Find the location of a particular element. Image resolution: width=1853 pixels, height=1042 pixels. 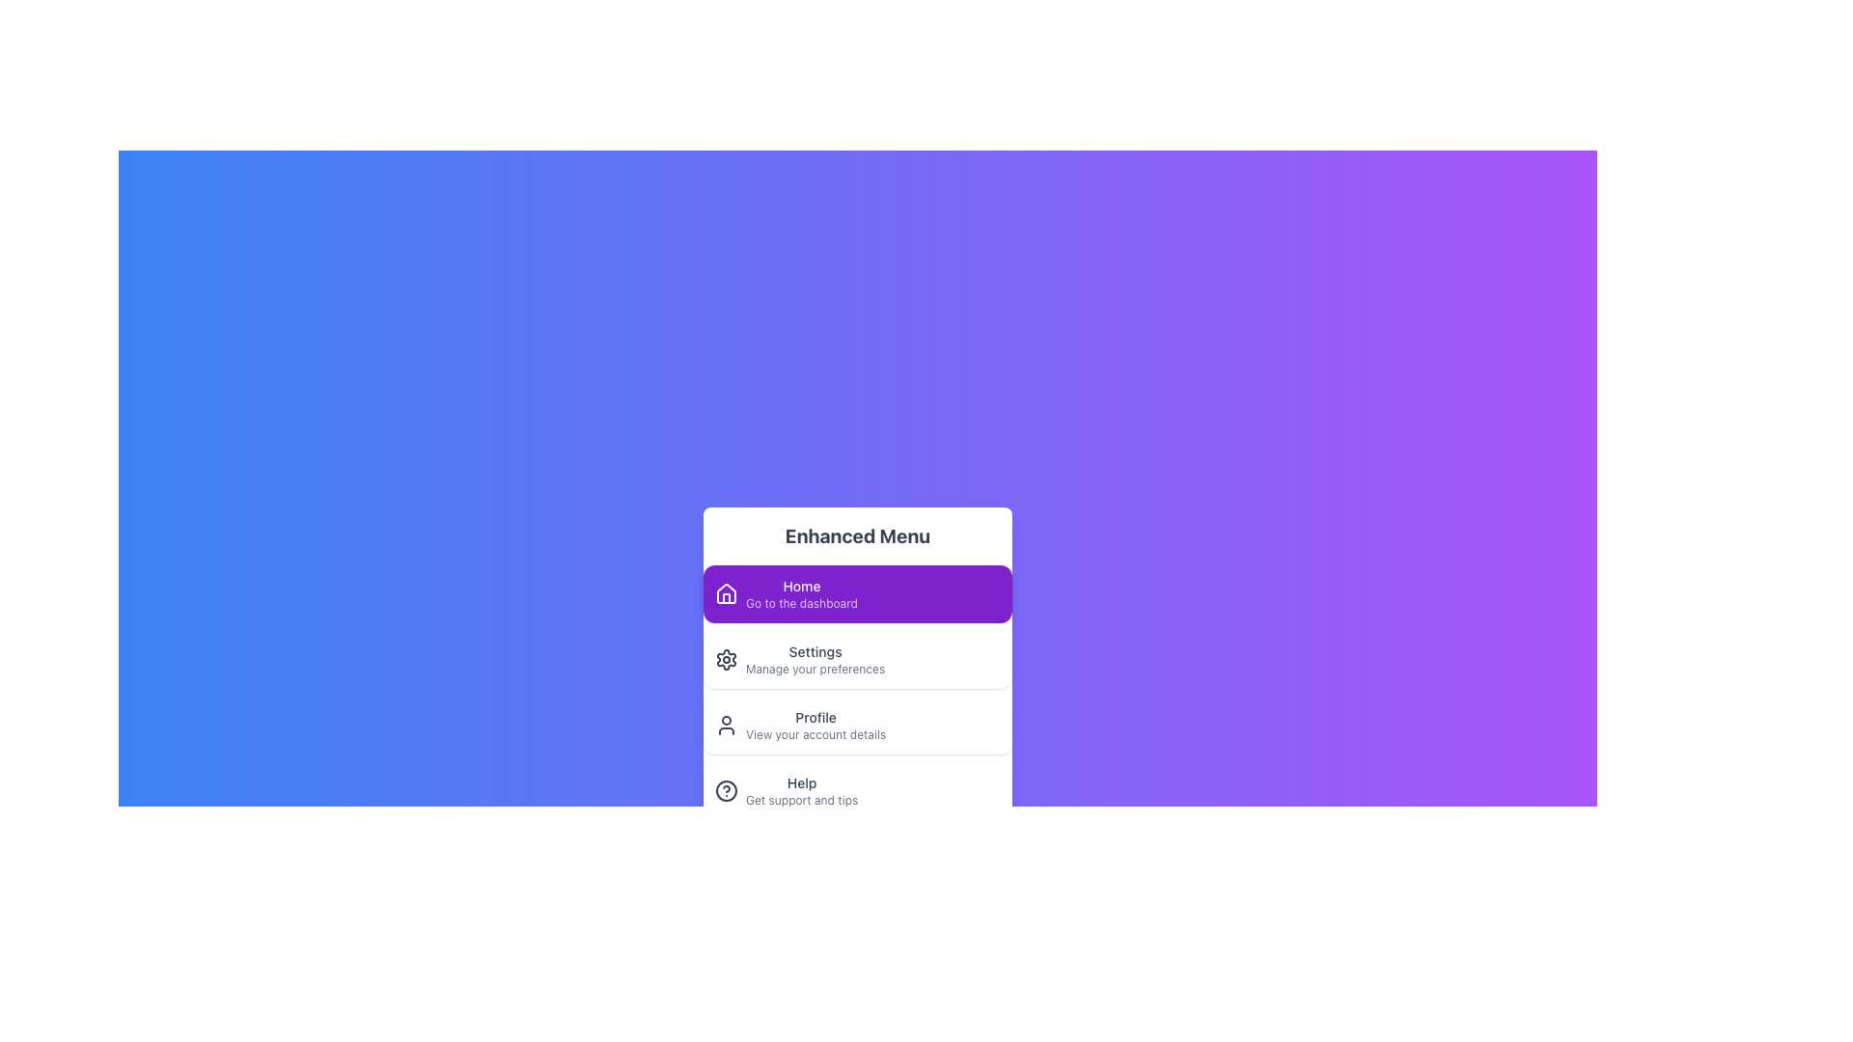

the circular help icon with a question mark, positioned at the center of the help section in the menu list is located at coordinates (726, 791).